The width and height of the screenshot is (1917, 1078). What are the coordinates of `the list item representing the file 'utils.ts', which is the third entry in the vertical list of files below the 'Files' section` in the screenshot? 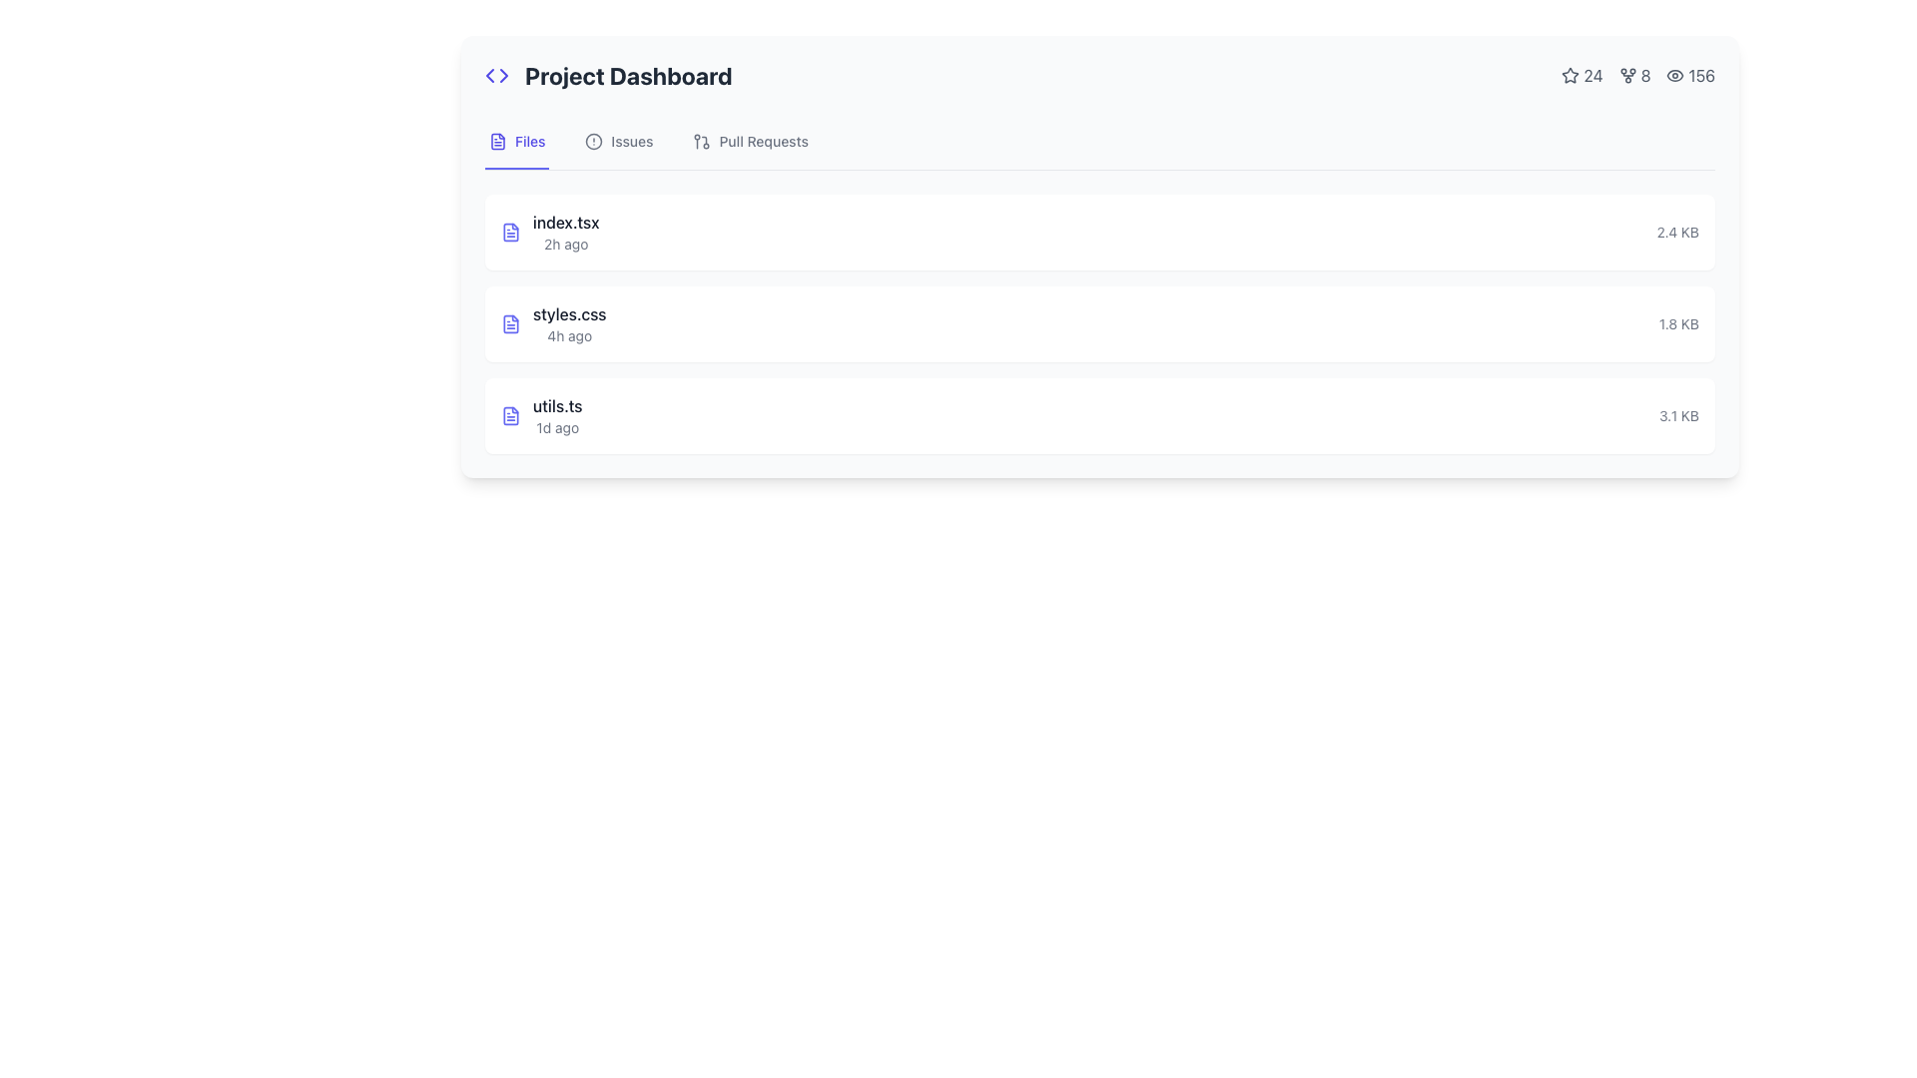 It's located at (541, 414).